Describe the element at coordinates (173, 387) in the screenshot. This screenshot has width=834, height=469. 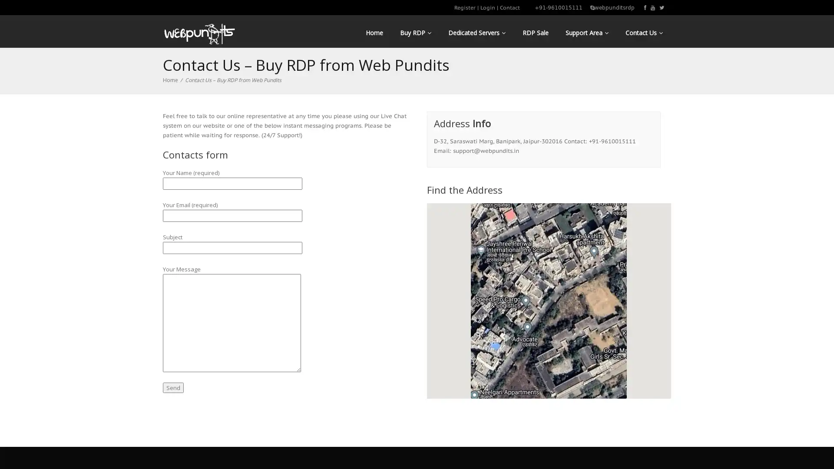
I see `Send` at that location.